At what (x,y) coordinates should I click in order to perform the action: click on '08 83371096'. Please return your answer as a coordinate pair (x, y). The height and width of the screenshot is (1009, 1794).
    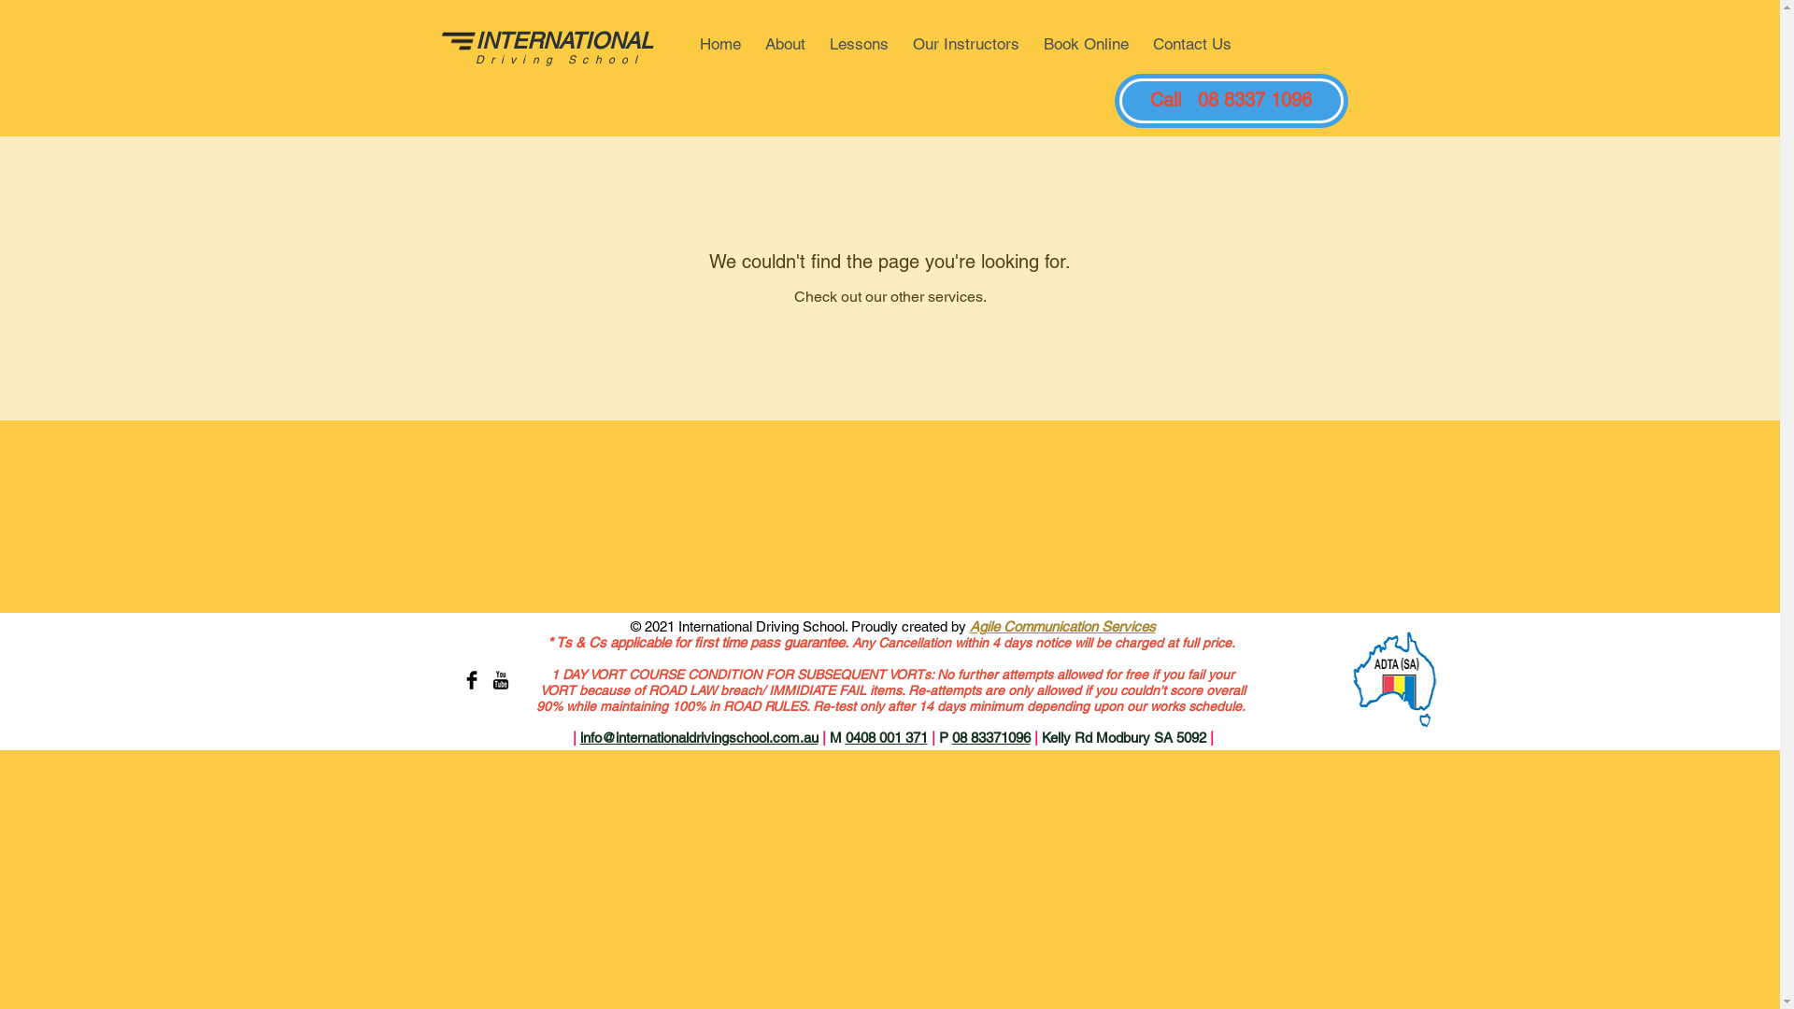
    Looking at the image, I should click on (990, 736).